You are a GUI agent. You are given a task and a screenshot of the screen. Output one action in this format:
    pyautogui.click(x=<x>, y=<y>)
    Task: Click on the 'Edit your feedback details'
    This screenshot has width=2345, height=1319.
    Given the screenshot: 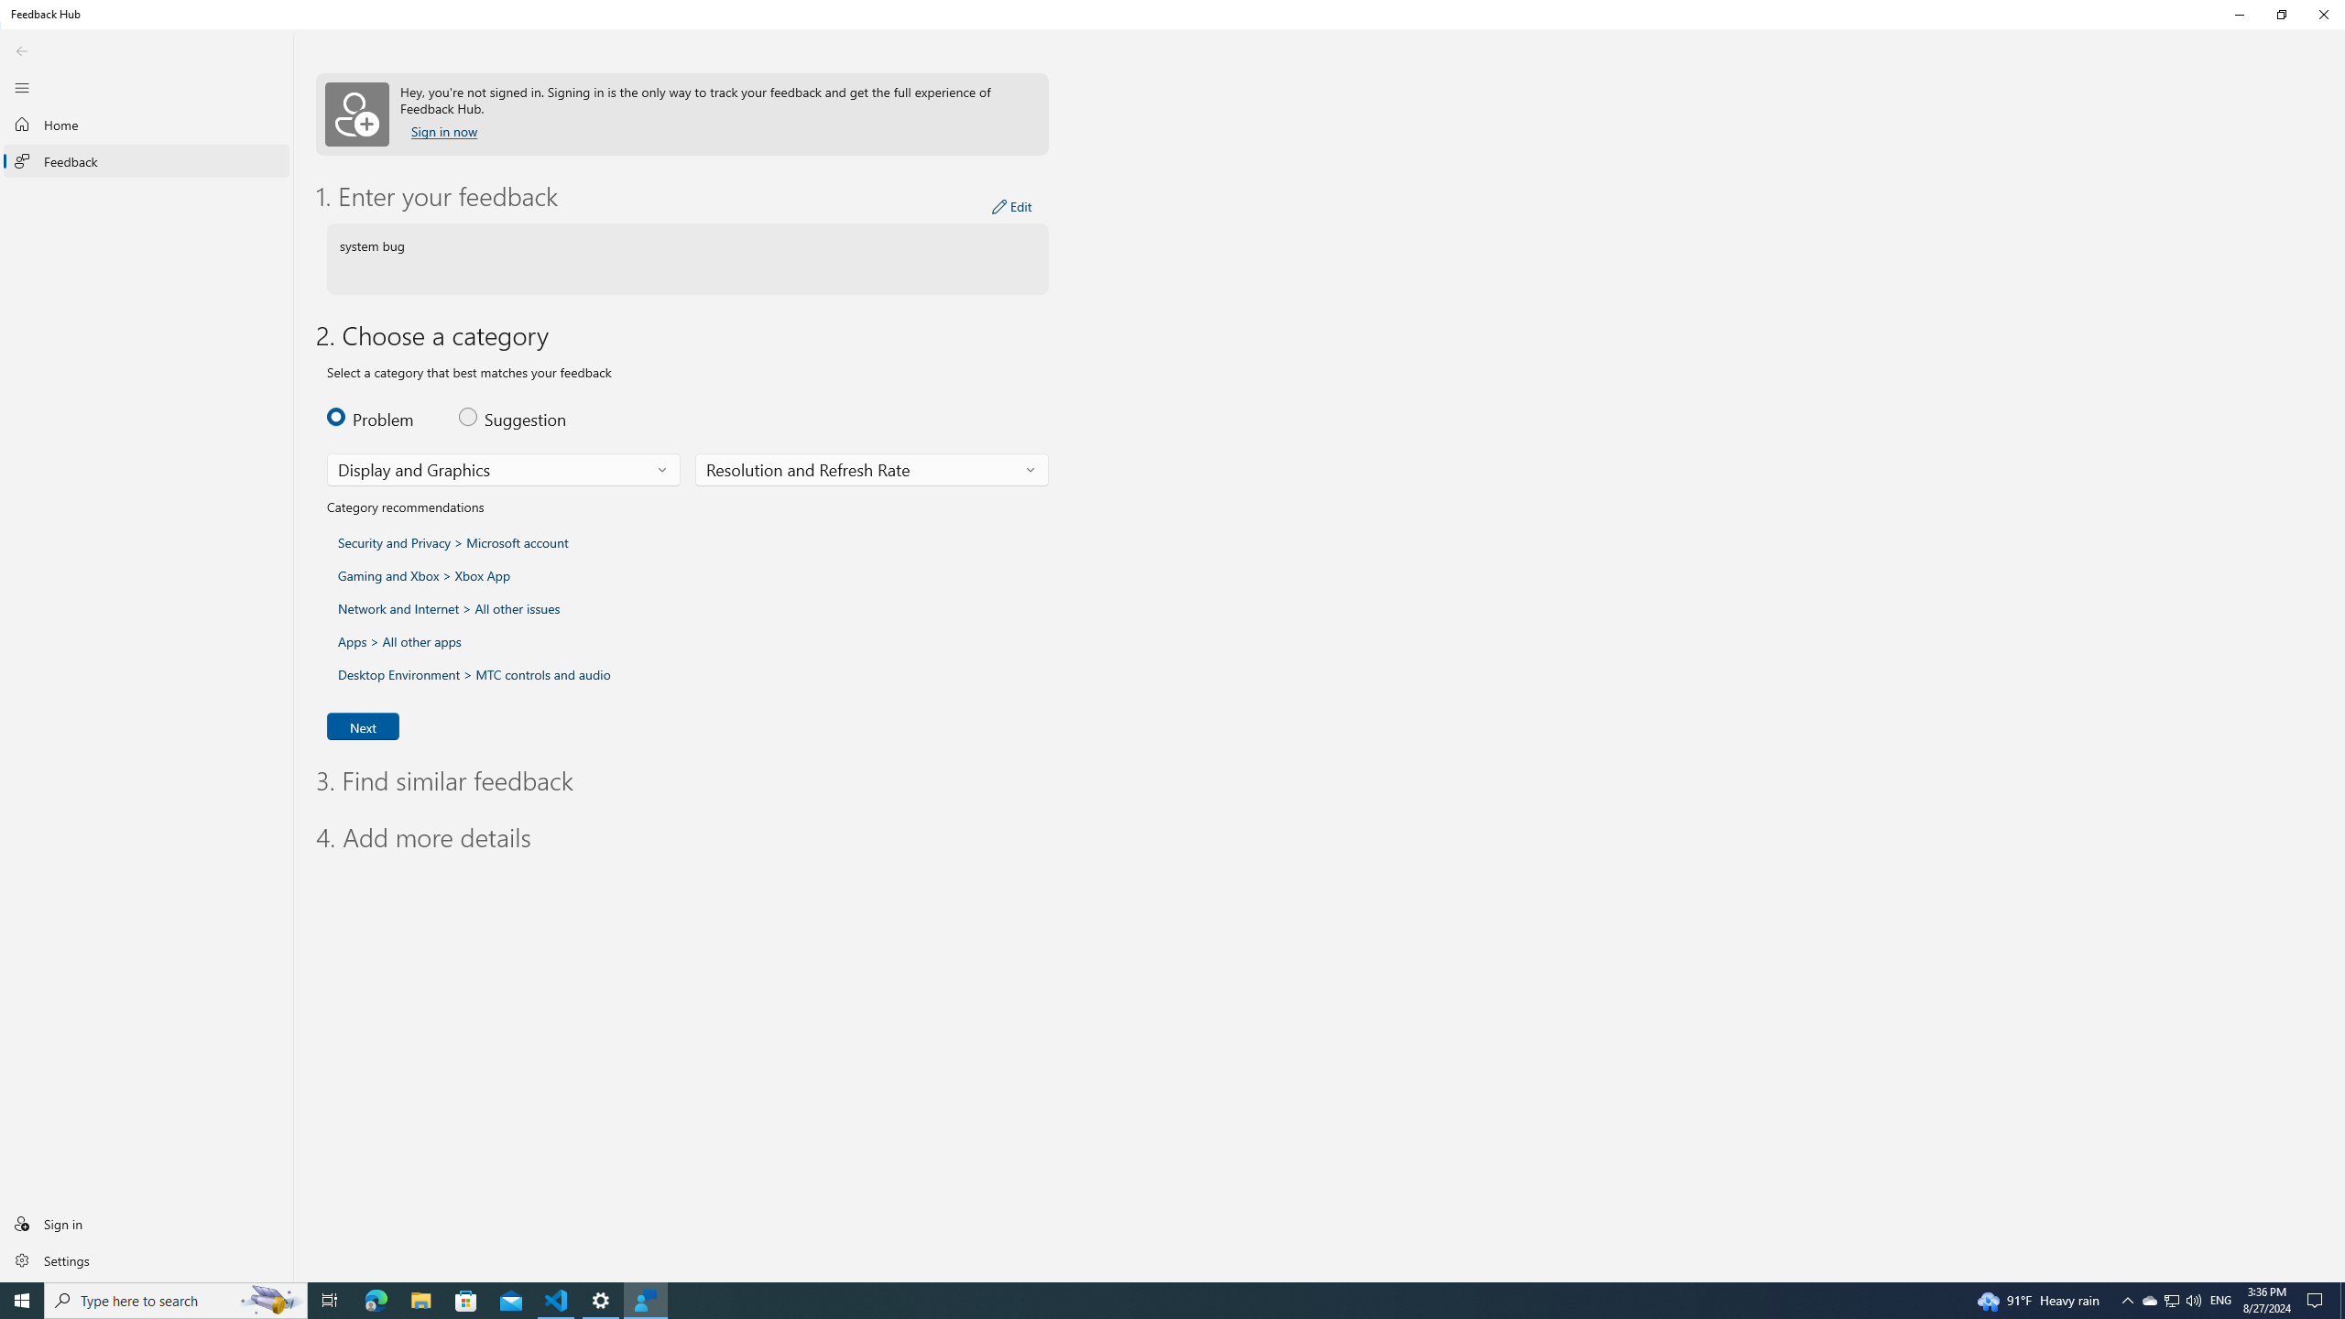 What is the action you would take?
    pyautogui.click(x=1011, y=206)
    